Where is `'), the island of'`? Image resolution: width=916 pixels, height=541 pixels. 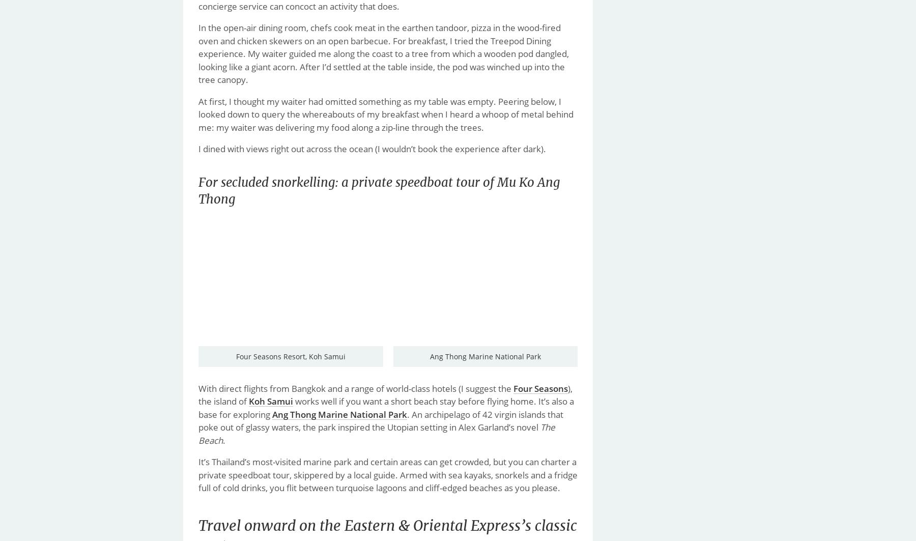 '), the island of' is located at coordinates (385, 394).